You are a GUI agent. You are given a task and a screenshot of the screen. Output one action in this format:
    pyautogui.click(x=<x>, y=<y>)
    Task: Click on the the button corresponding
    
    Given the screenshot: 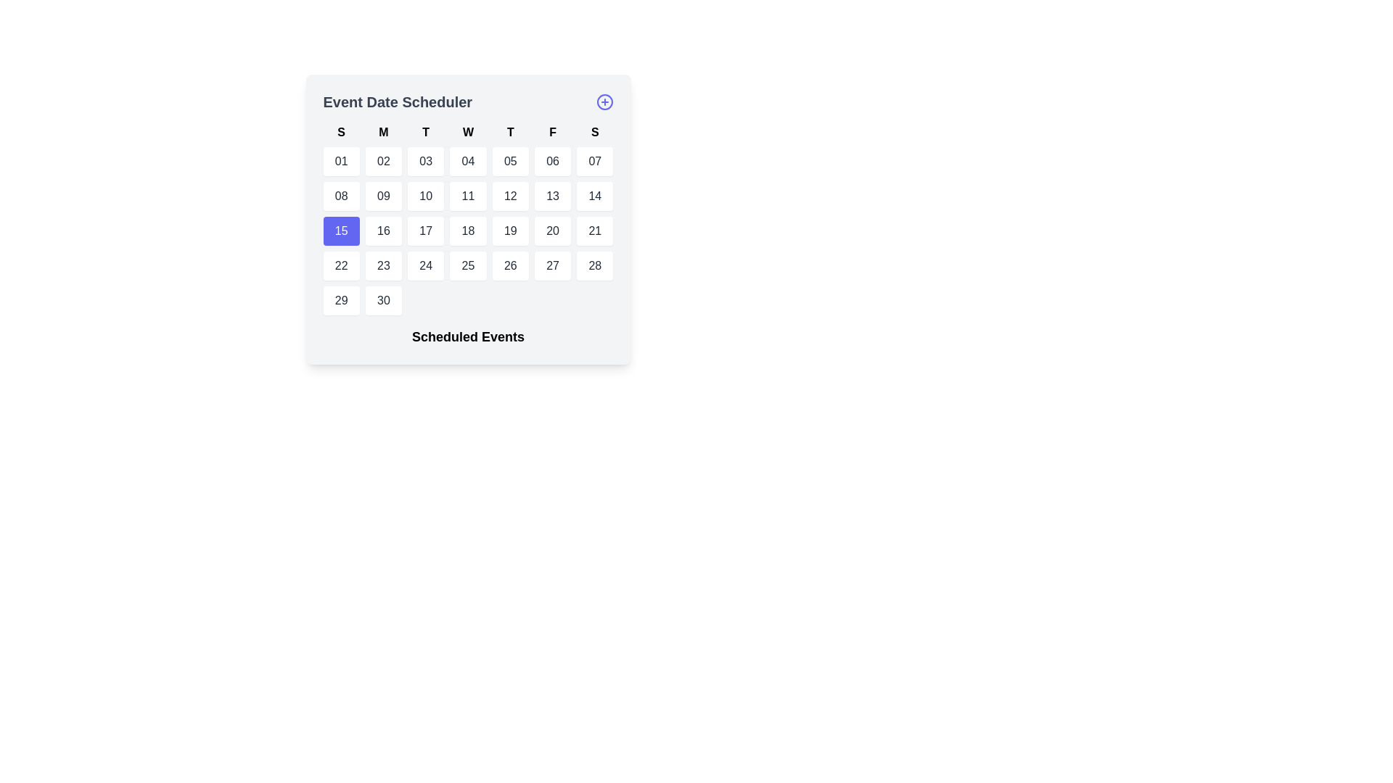 What is the action you would take?
    pyautogui.click(x=595, y=231)
    